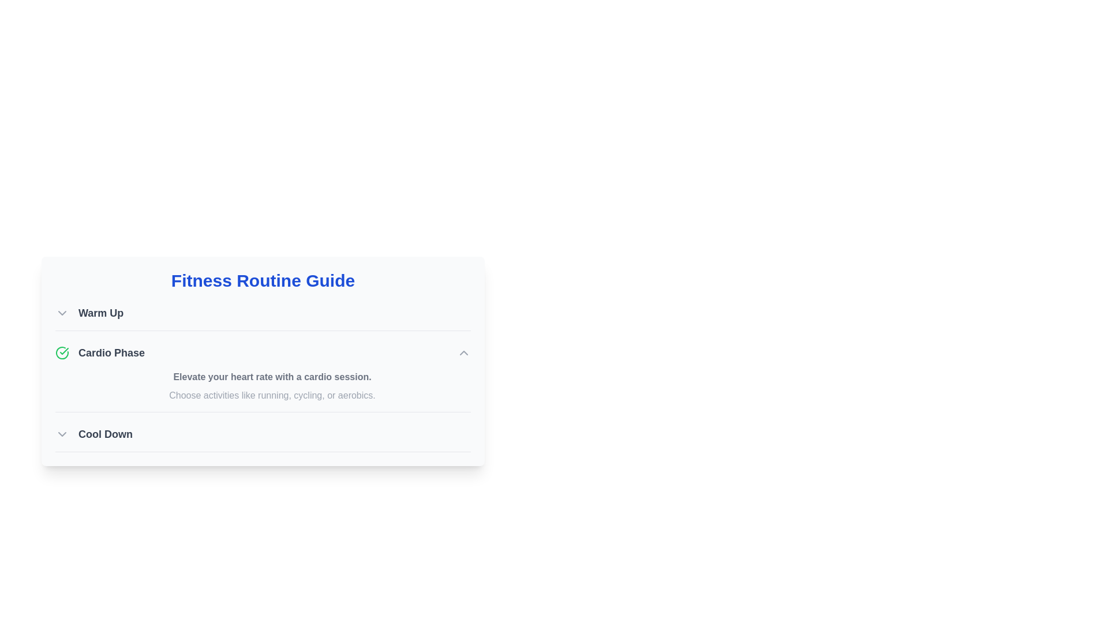 The height and width of the screenshot is (623, 1108). Describe the element at coordinates (100, 352) in the screenshot. I see `the 'Cardio Phase' label located under the 'Warm Up' section, which includes a status icon to its left` at that location.